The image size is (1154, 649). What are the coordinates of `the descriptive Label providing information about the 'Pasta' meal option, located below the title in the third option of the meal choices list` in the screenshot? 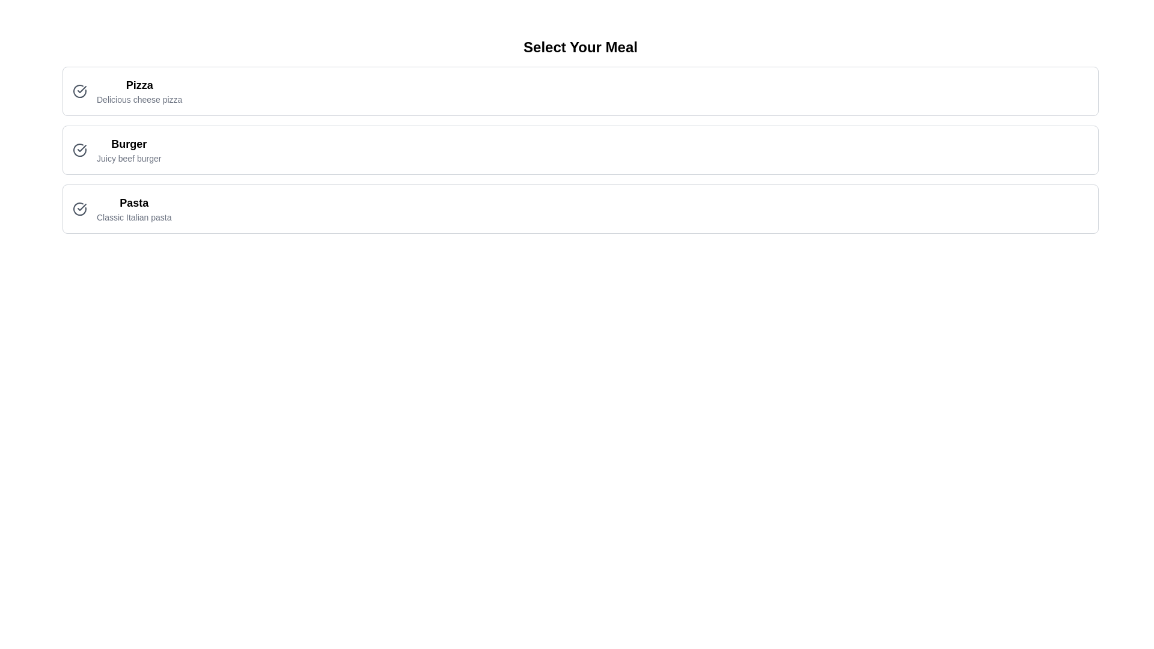 It's located at (134, 218).